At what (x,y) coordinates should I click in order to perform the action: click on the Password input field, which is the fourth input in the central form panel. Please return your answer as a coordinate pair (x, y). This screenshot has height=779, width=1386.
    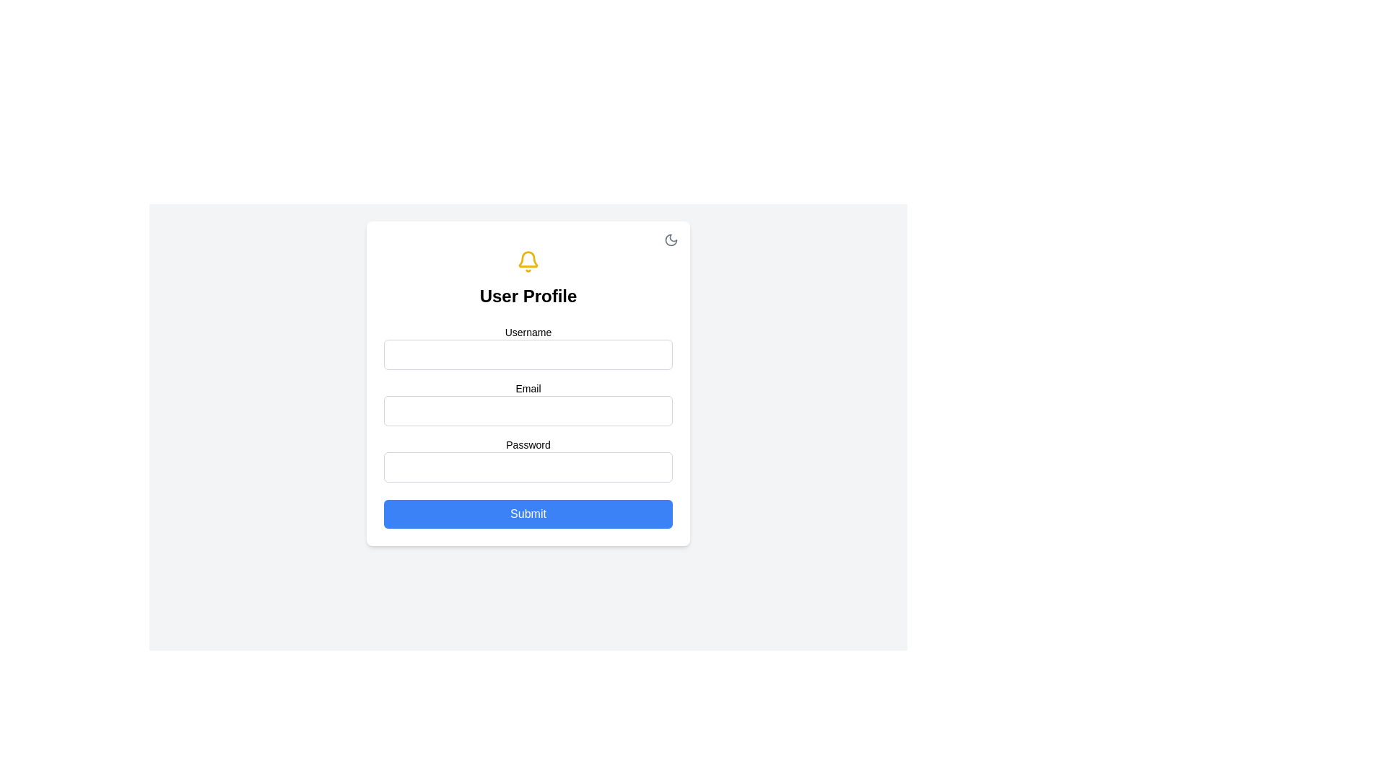
    Looking at the image, I should click on (527, 467).